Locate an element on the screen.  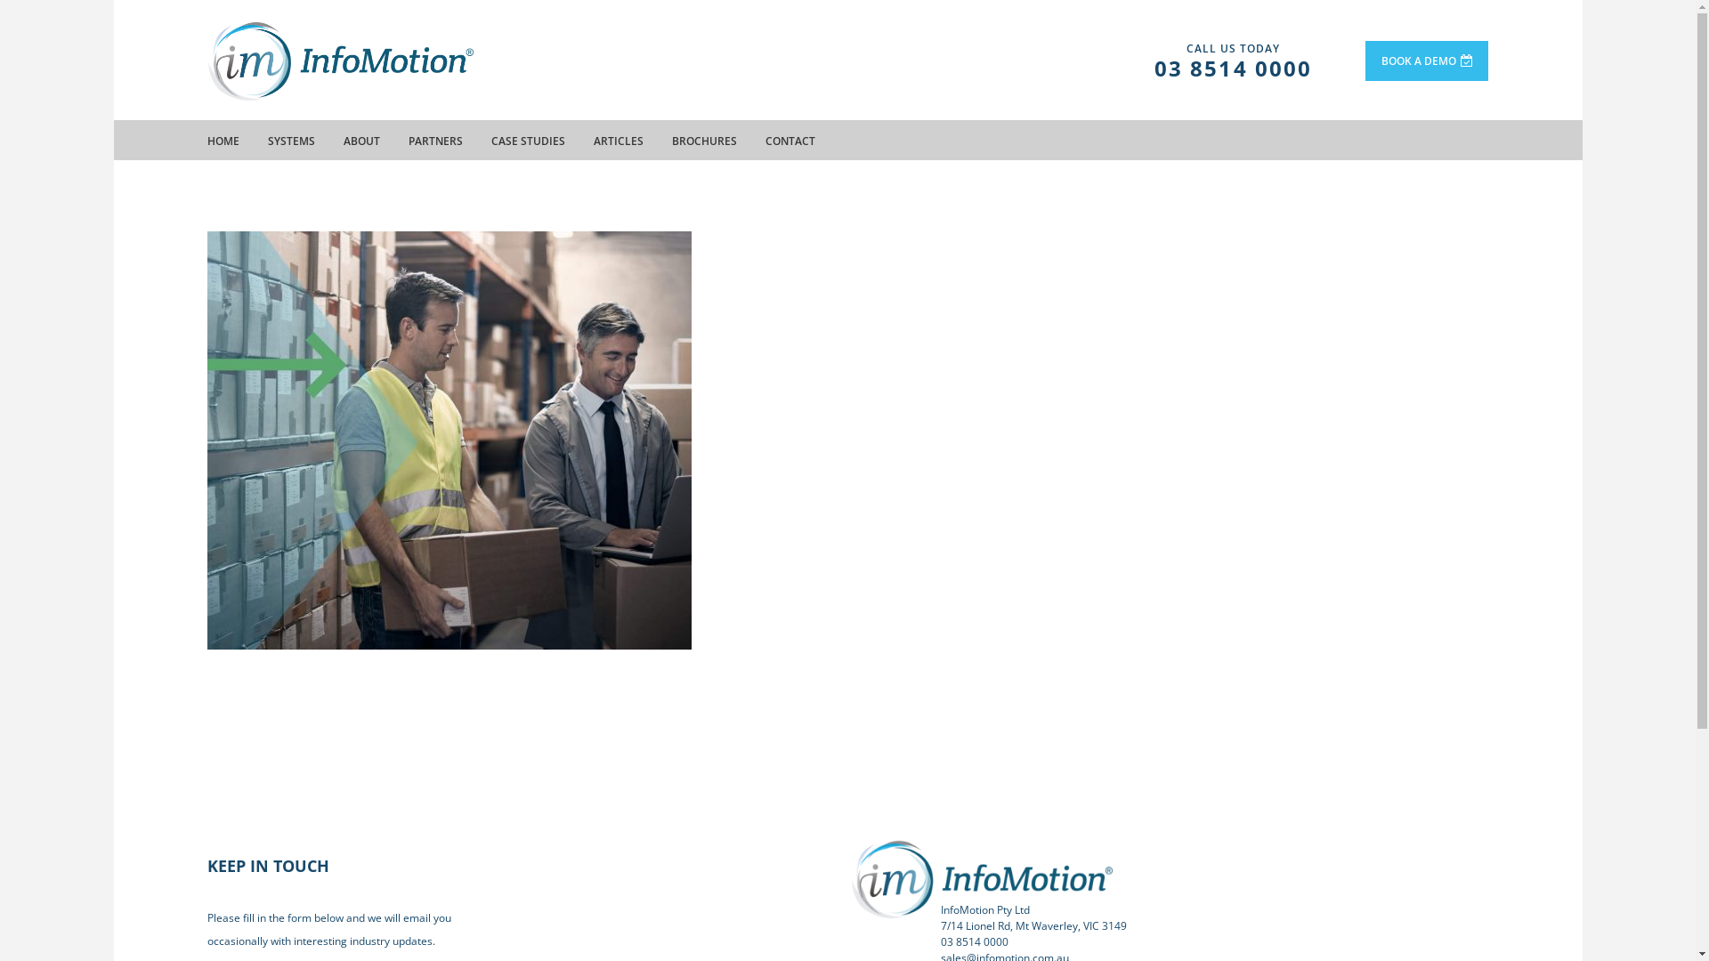
'BOOK A DEMO' is located at coordinates (1427, 60).